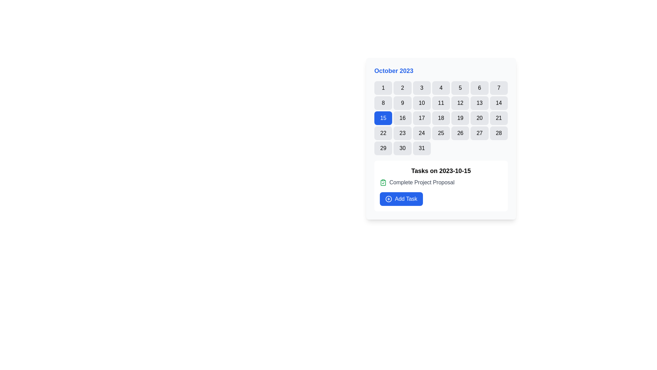  I want to click on the selectable day button, so click(440, 133).